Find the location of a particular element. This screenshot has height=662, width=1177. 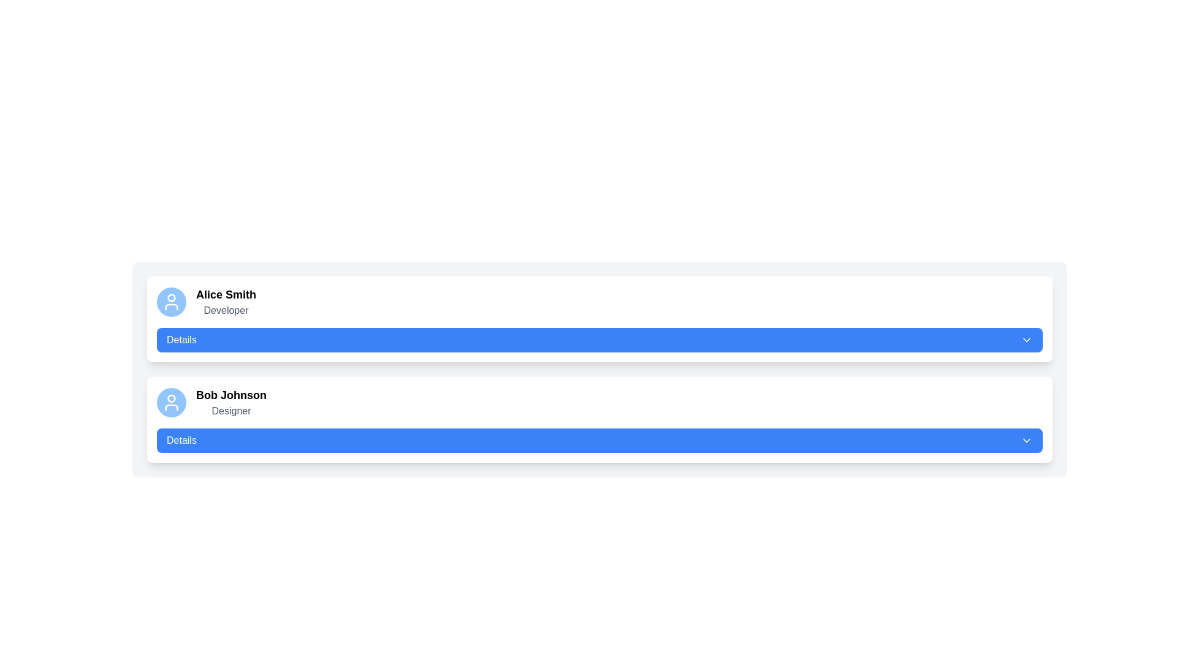

the text label displaying 'Designer', which is styled in gray and positioned directly below 'Bob Johnson' and above the 'Details' button is located at coordinates (231, 411).